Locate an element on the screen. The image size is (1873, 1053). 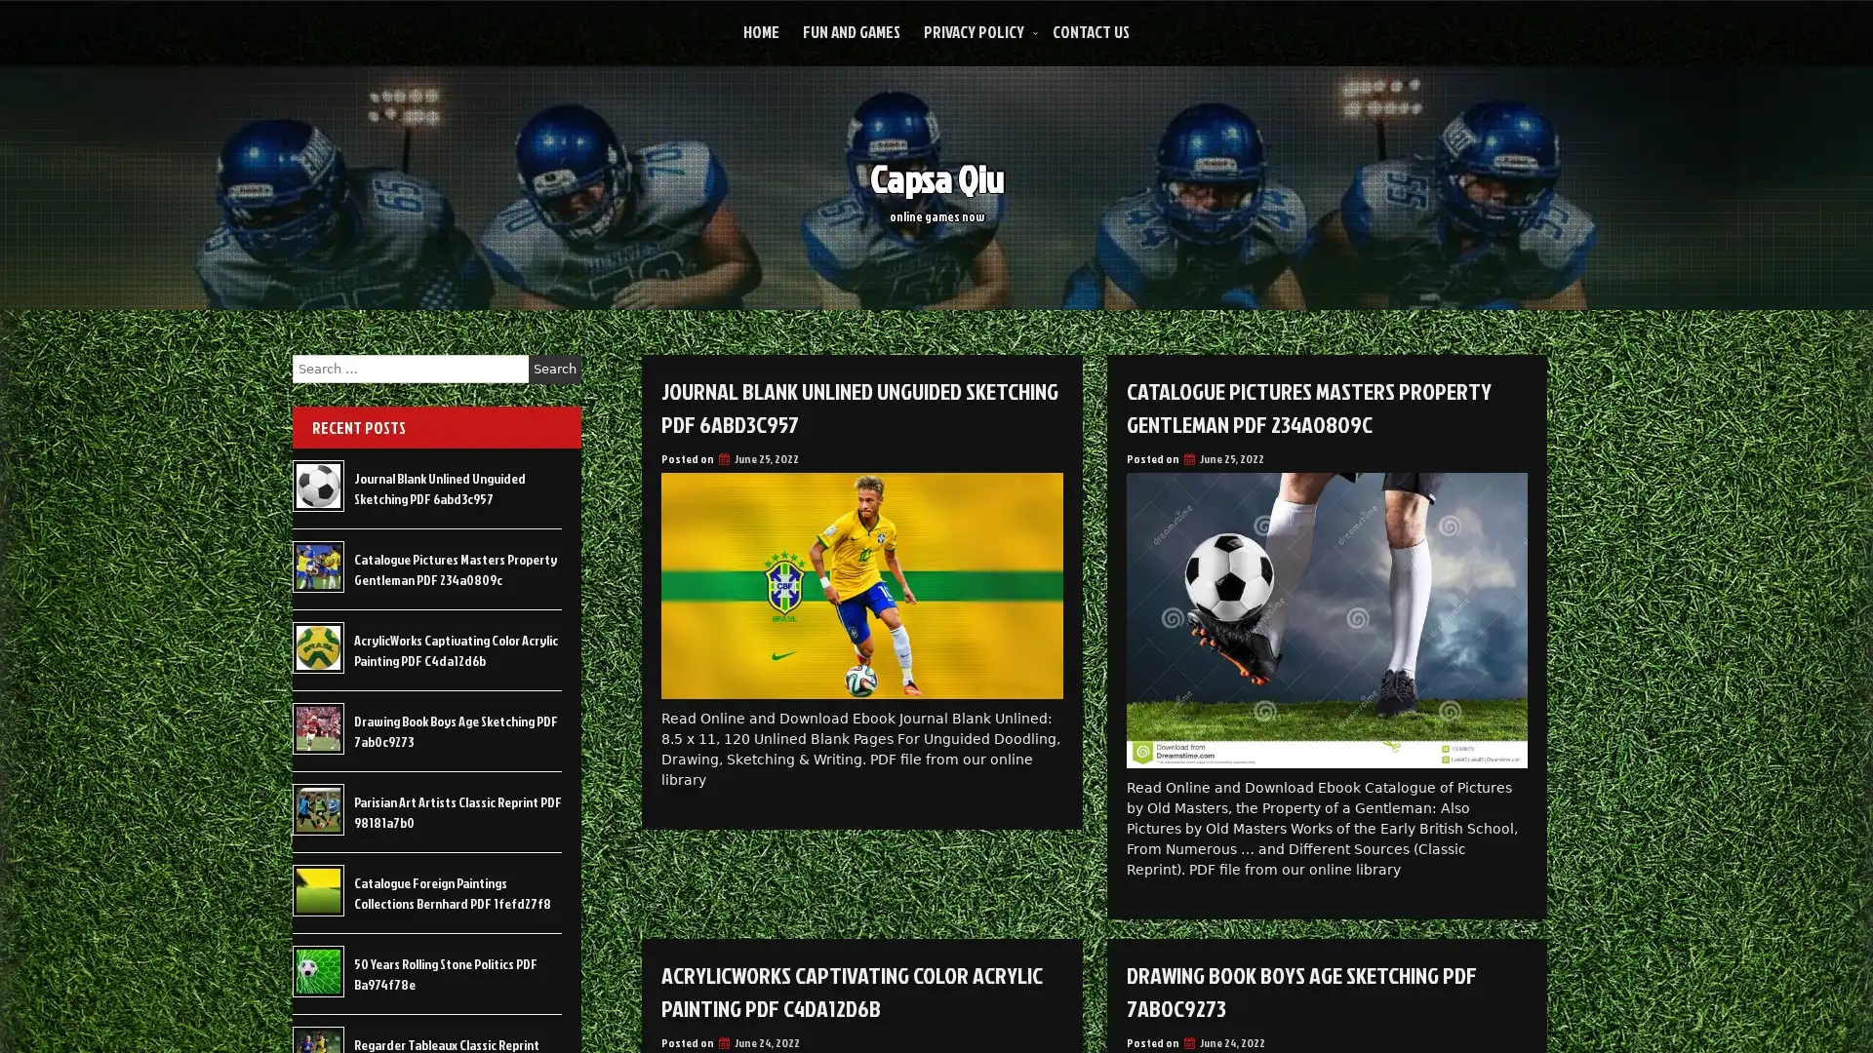
Search is located at coordinates (554, 369).